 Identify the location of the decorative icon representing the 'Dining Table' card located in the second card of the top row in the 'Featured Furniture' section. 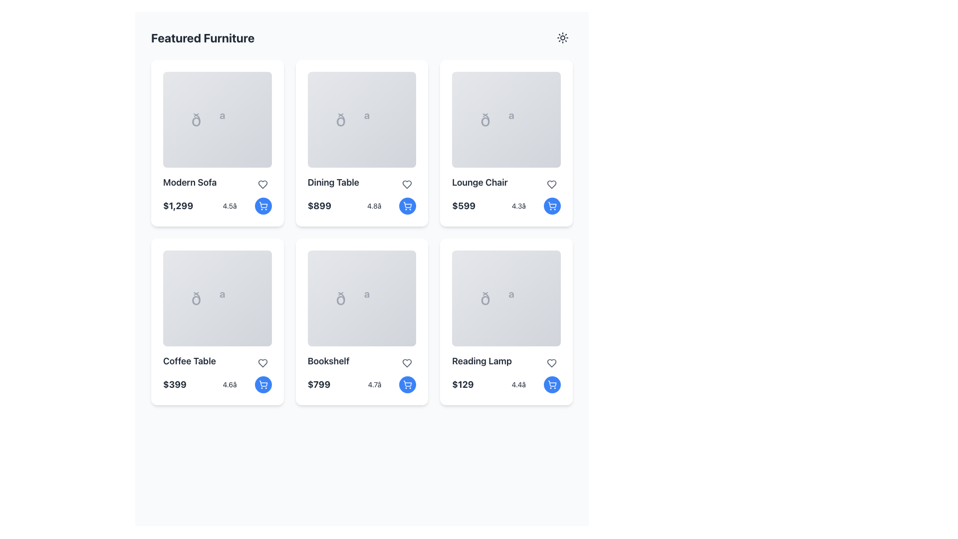
(361, 119).